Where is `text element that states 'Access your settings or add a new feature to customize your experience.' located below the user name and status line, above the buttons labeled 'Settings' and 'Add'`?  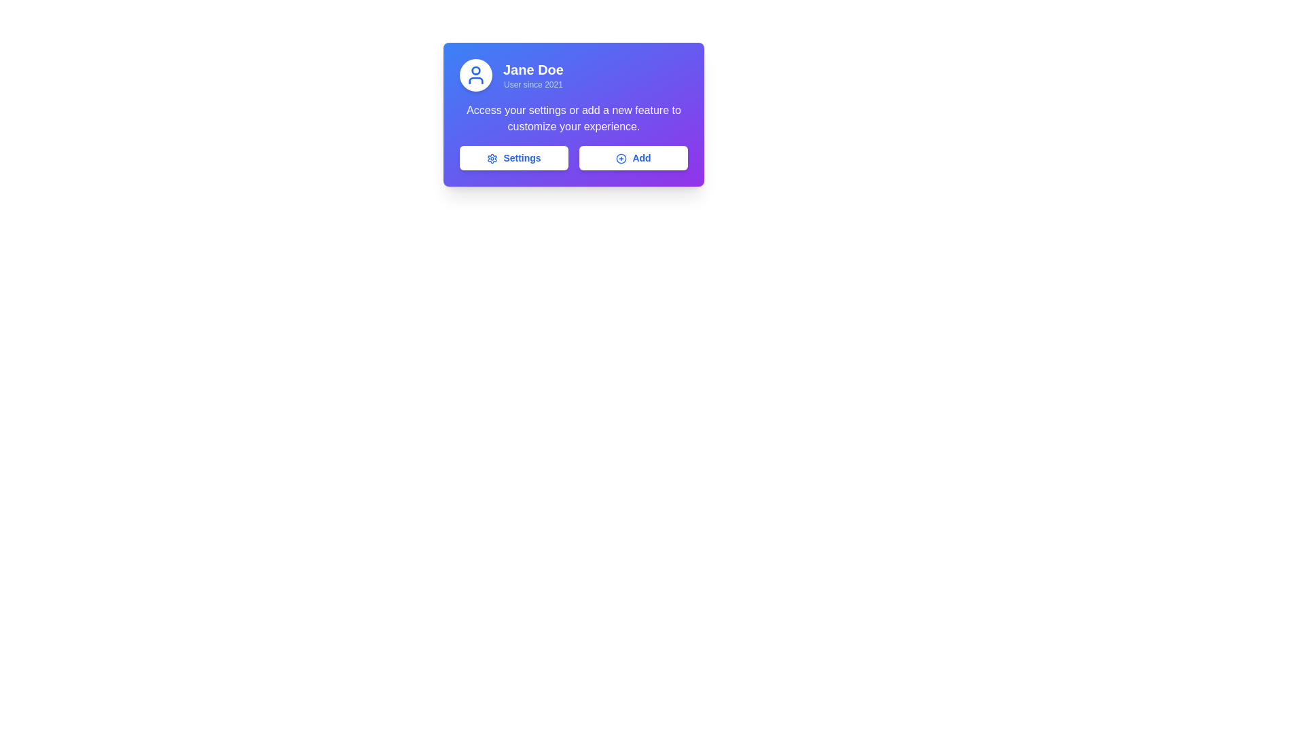 text element that states 'Access your settings or add a new feature to customize your experience.' located below the user name and status line, above the buttons labeled 'Settings' and 'Add' is located at coordinates (573, 117).